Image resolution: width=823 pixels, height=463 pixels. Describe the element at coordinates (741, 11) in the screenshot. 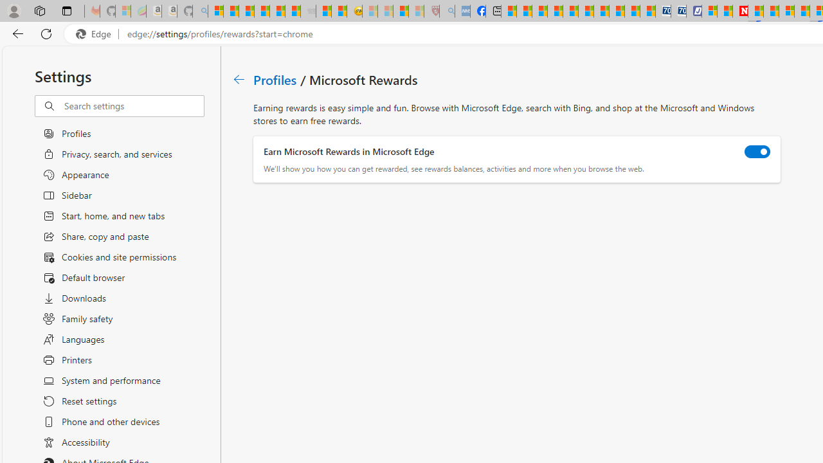

I see `'Latest Politics News & Archive | Newsweek.com'` at that location.